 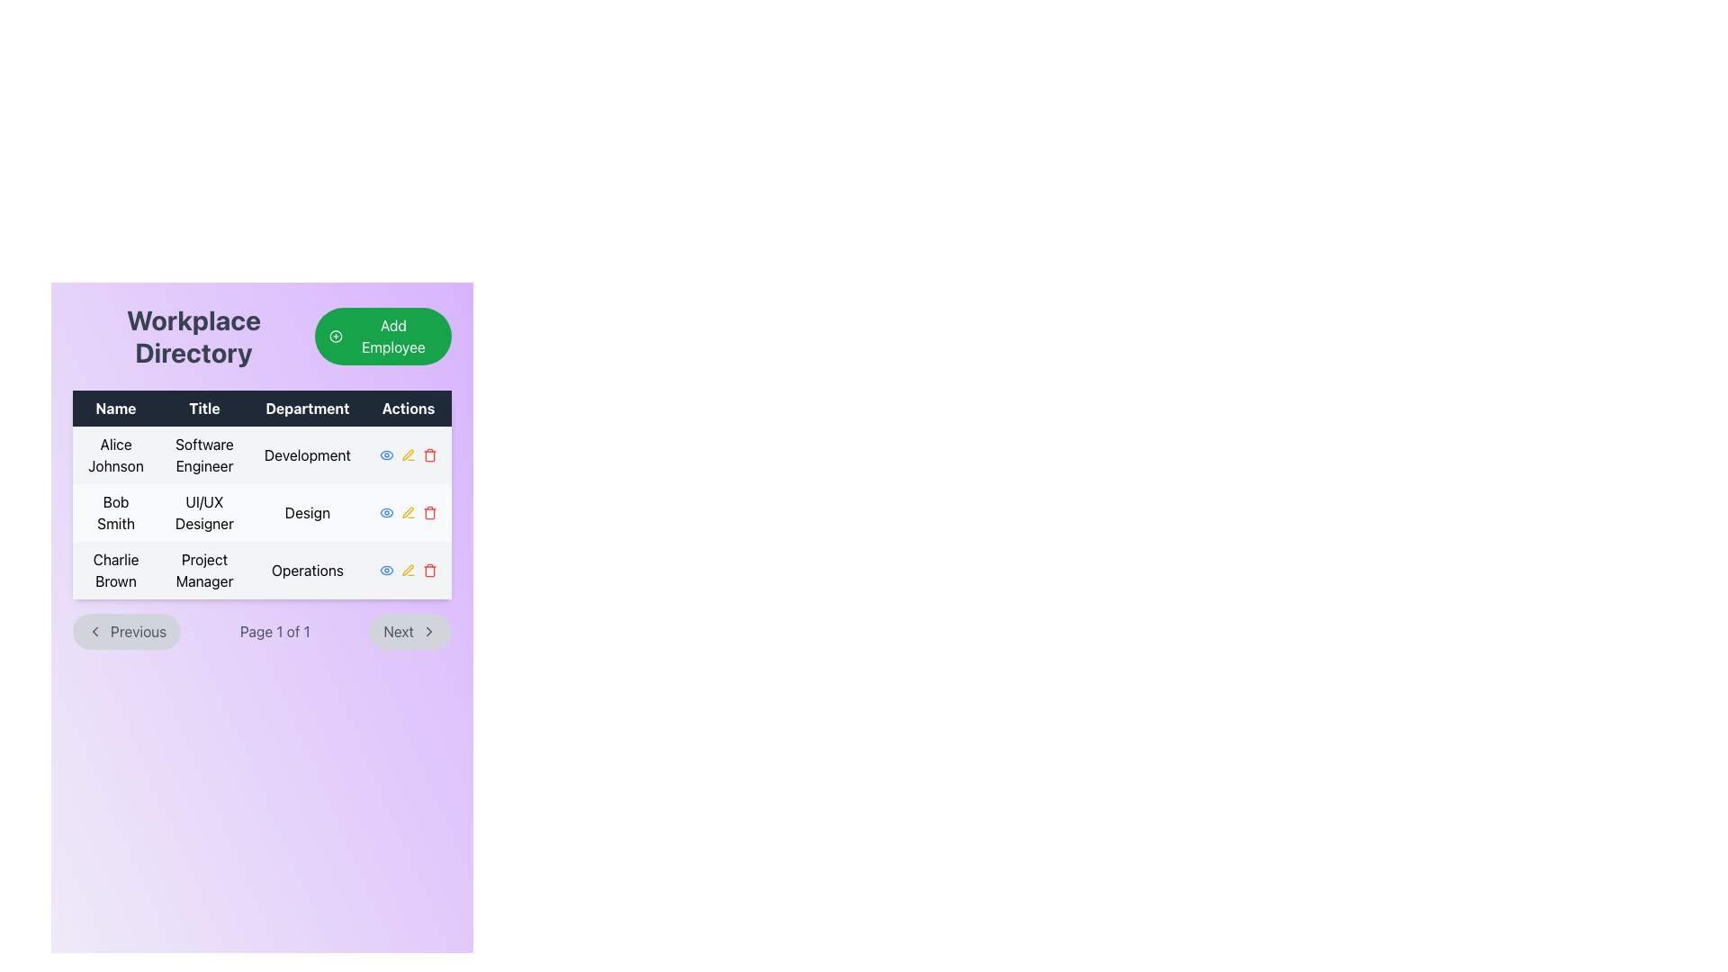 What do you see at coordinates (261, 454) in the screenshot?
I see `the first row in the workplace directory table` at bounding box center [261, 454].